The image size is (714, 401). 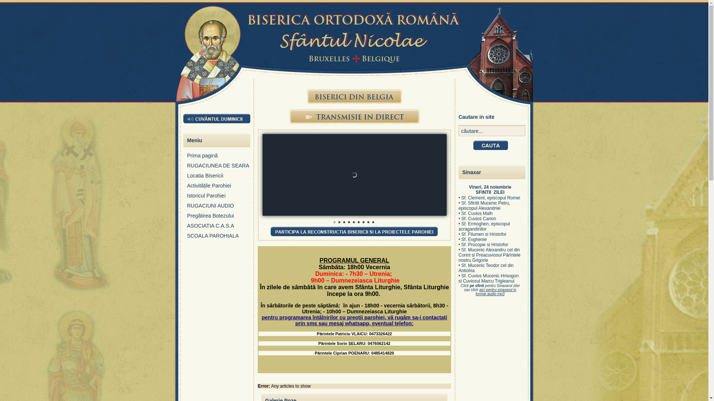 I want to click on 'Locatia Bisericii', so click(x=218, y=177).